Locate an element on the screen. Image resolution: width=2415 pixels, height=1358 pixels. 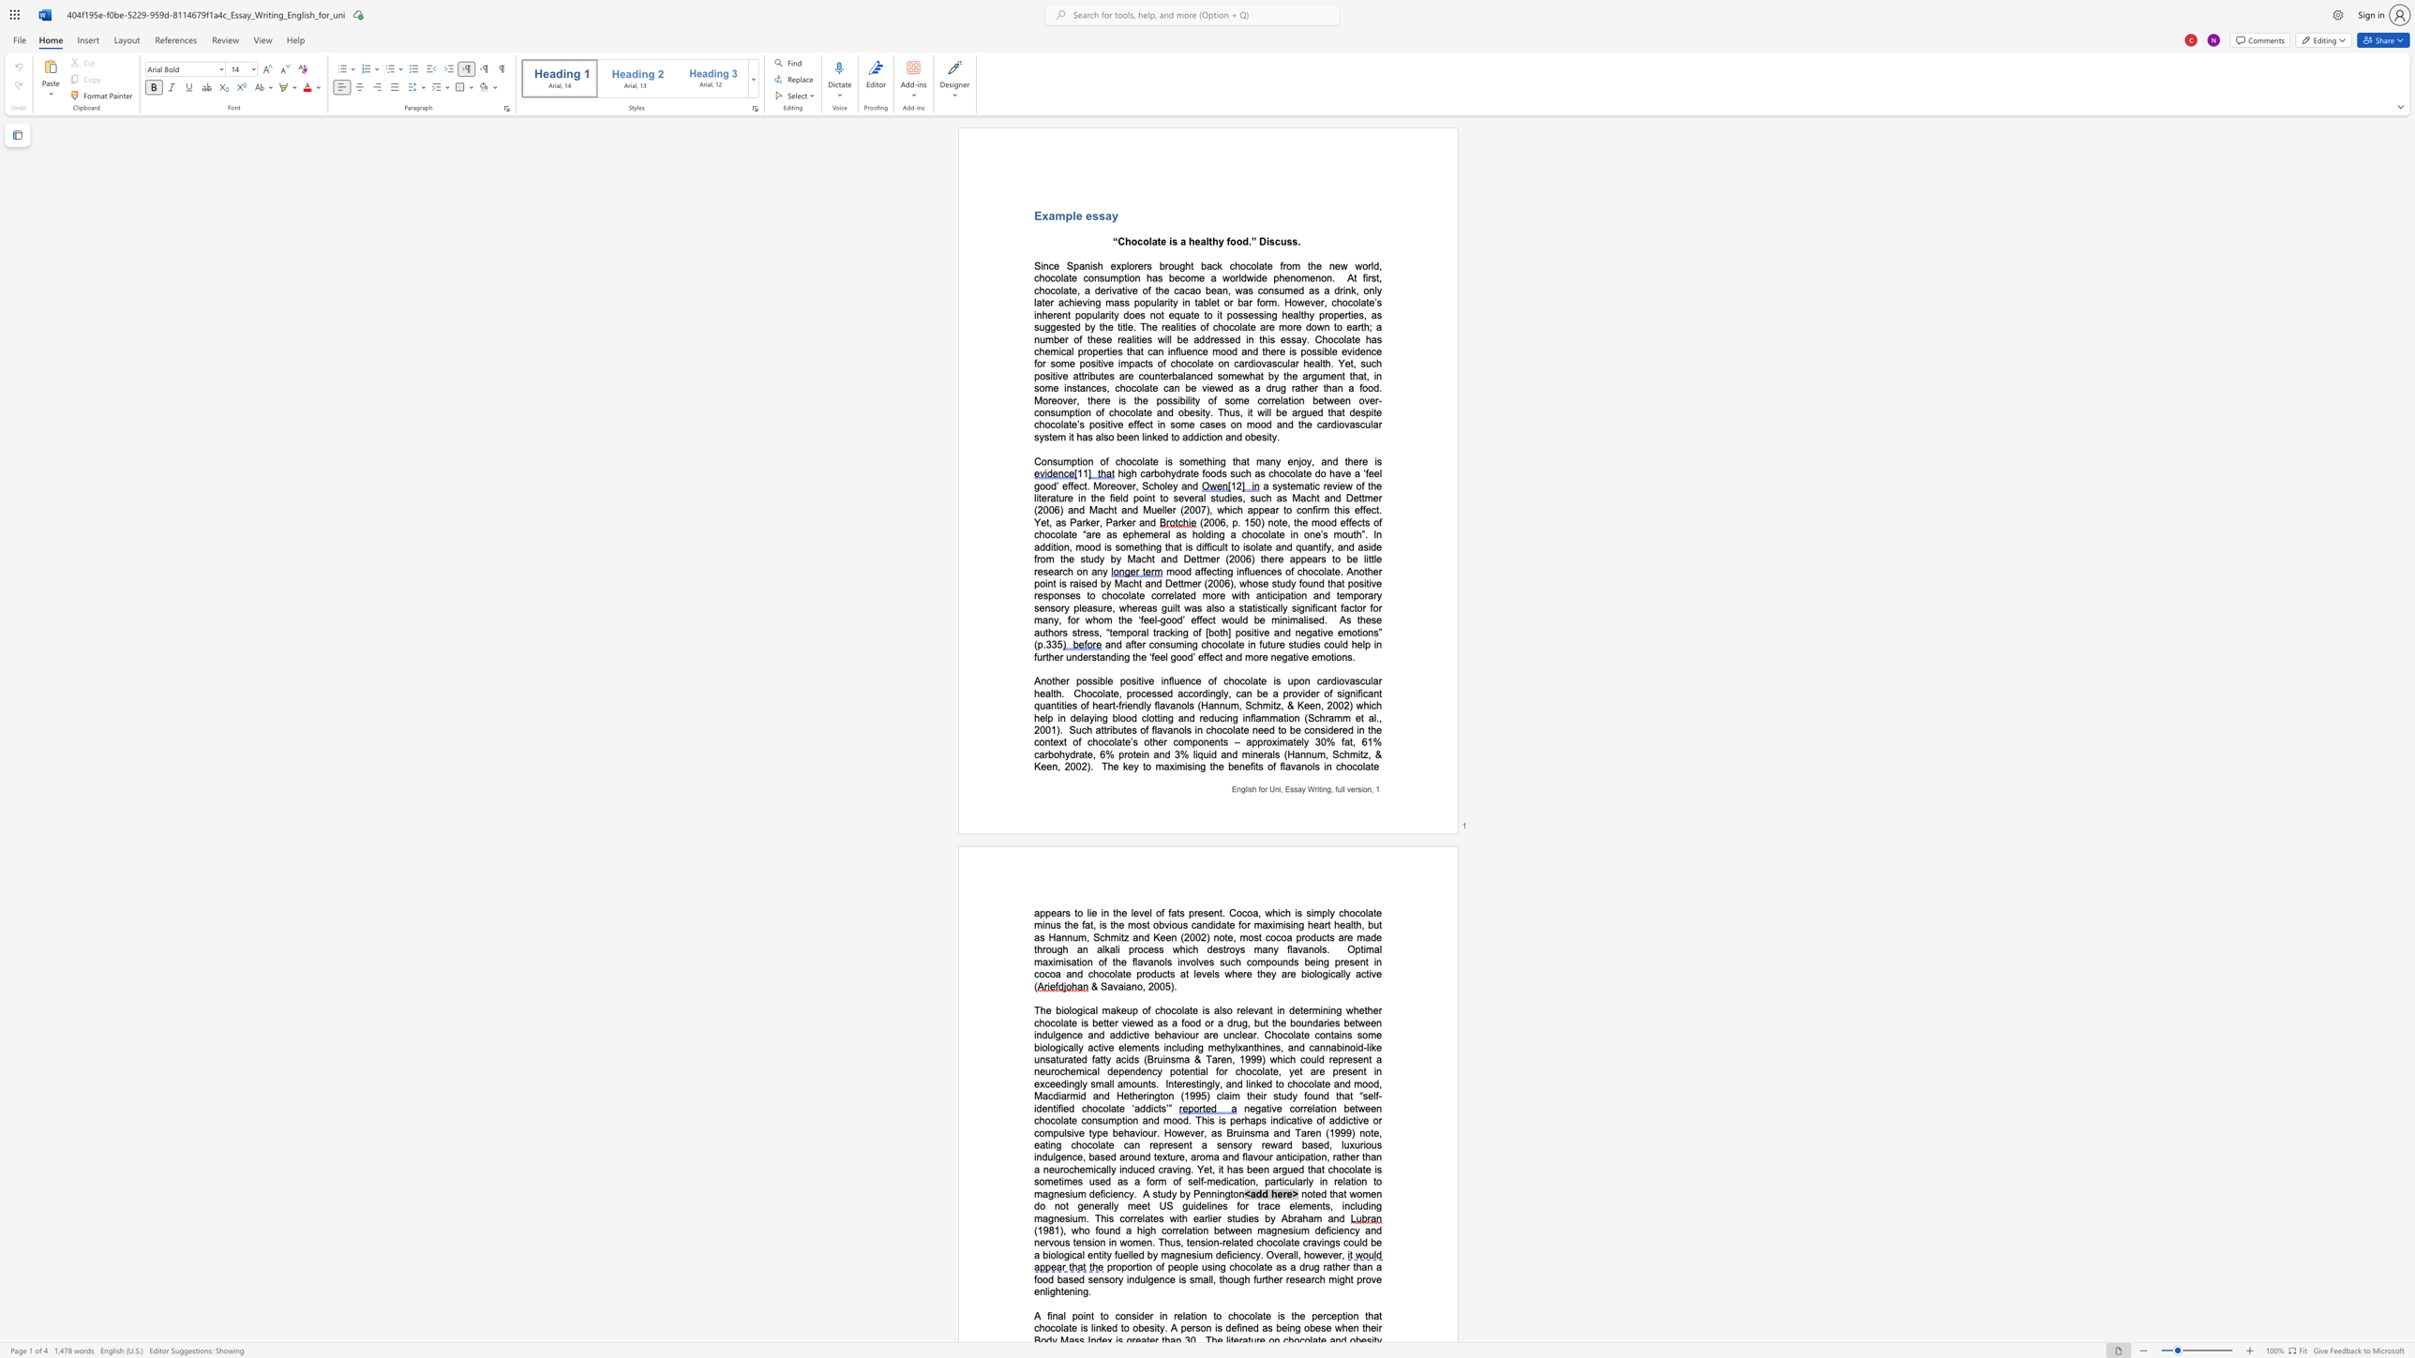
the subset text "d, chocolate consumption has become a" within the text "Since Spanish explorers brought back chocolate from the new world, chocolate consumption has become a worldwide phenomenon" is located at coordinates (1372, 265).